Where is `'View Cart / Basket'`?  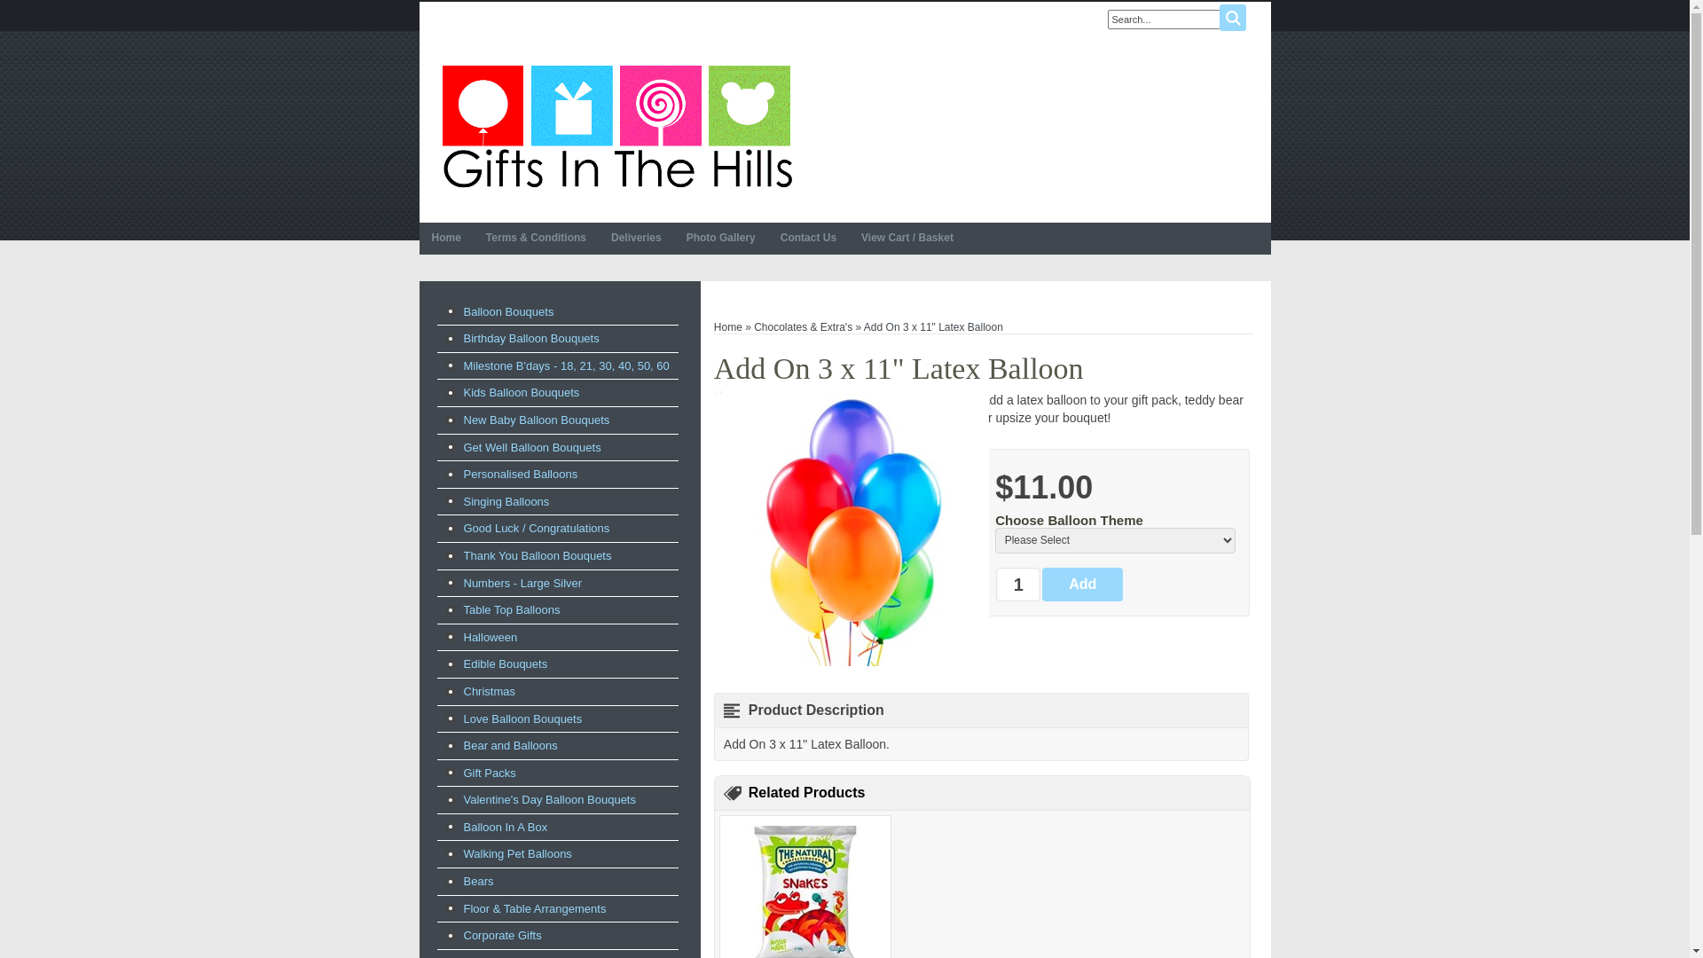 'View Cart / Basket' is located at coordinates (906, 238).